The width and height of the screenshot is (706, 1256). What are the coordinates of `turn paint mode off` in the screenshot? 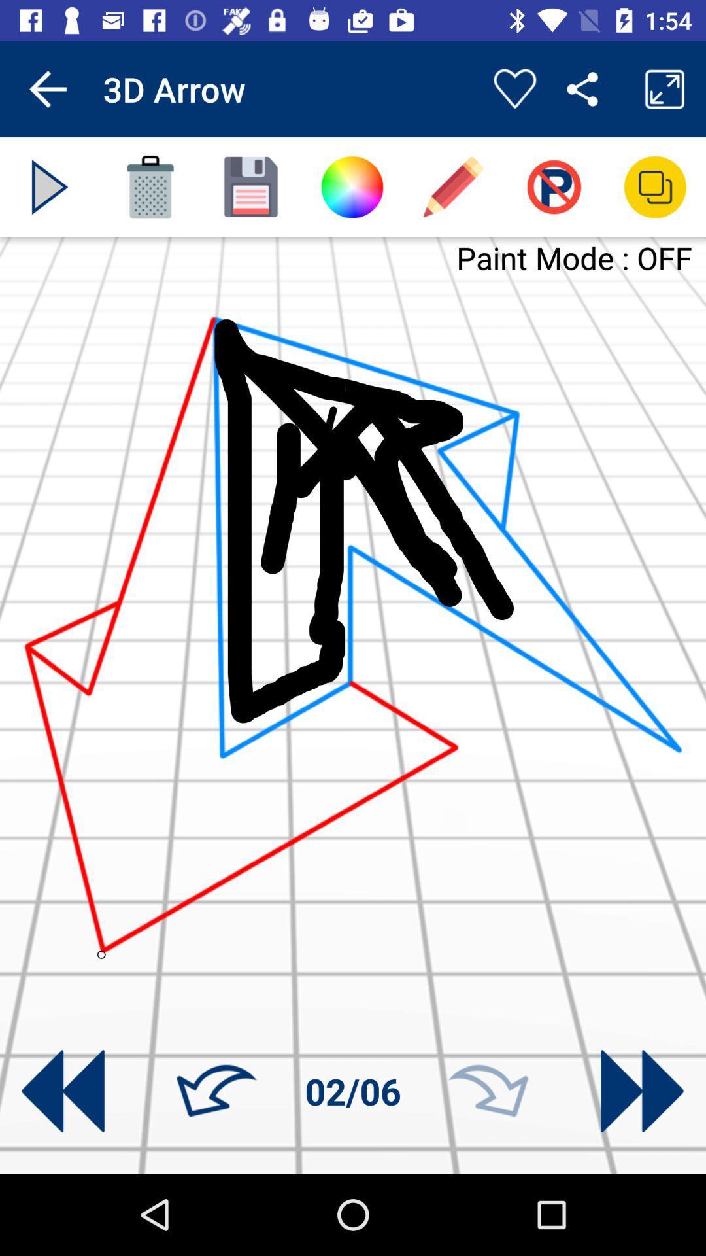 It's located at (554, 186).